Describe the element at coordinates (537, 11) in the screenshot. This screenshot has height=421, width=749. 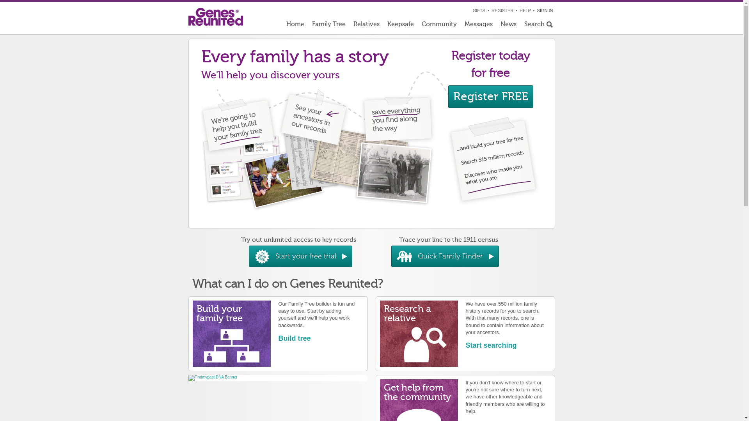
I see `'SIGN IN'` at that location.